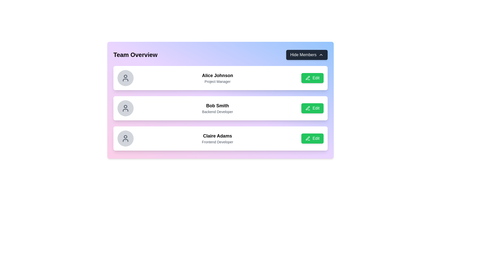  What do you see at coordinates (217, 142) in the screenshot?
I see `text label displaying 'Frontend Developer' located below the name 'Claire Adams' in the third card of the team members list` at bounding box center [217, 142].